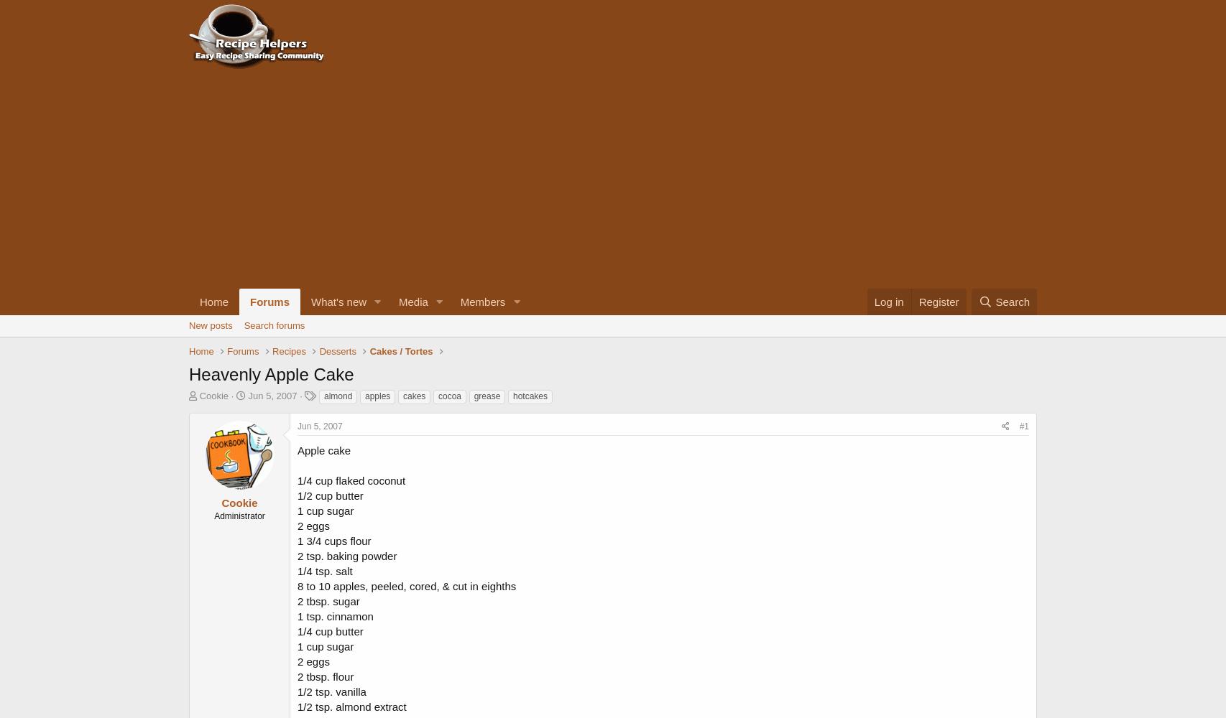  Describe the element at coordinates (331, 690) in the screenshot. I see `'1/2 tsp. vanilla'` at that location.